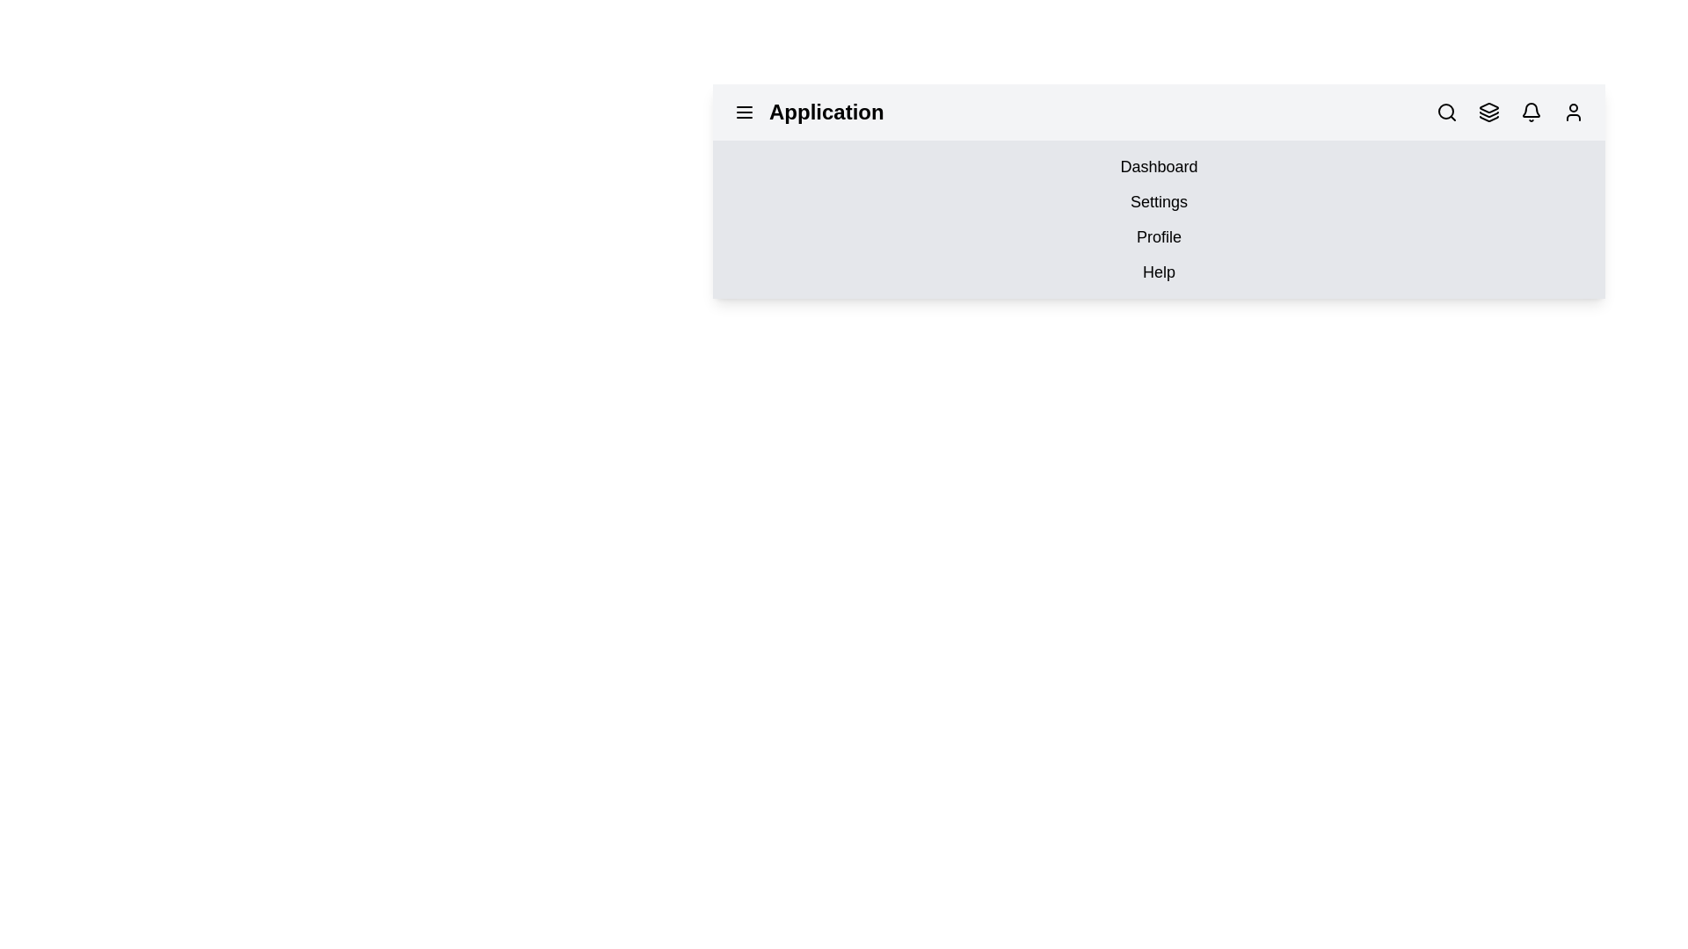  I want to click on the menu option labeled Profile, so click(1159, 237).